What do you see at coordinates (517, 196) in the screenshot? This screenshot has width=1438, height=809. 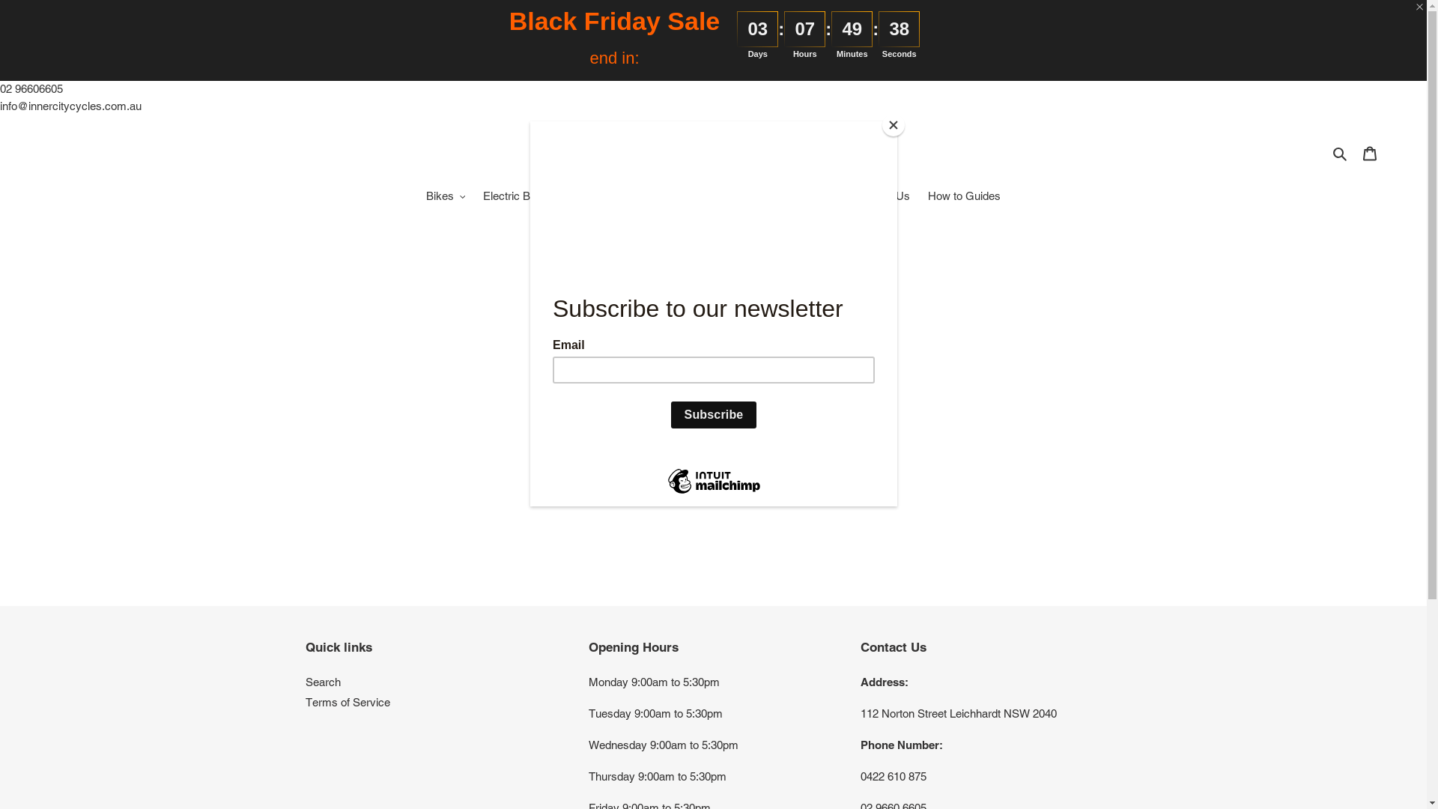 I see `'Electric Bikes'` at bounding box center [517, 196].